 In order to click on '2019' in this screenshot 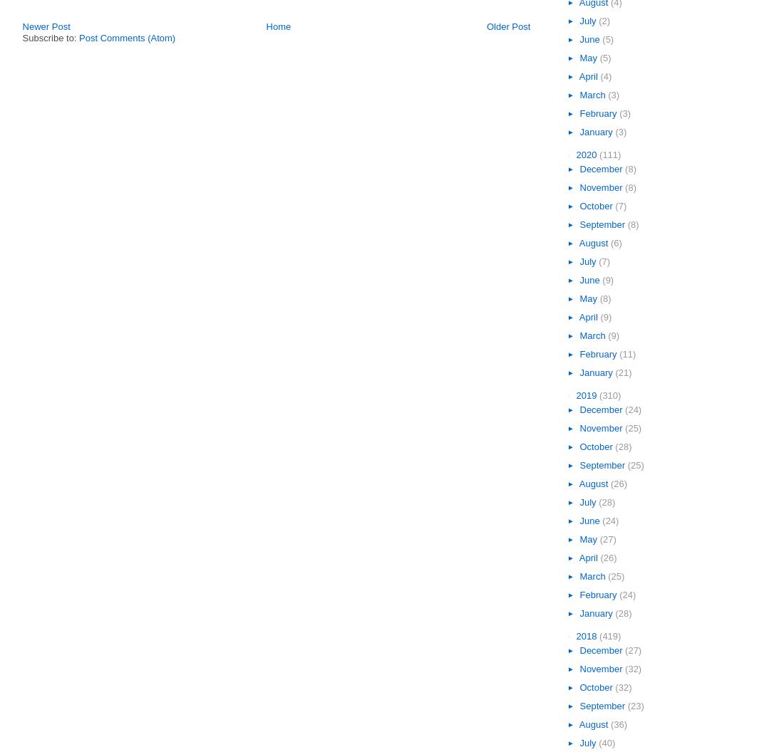, I will do `click(587, 395)`.